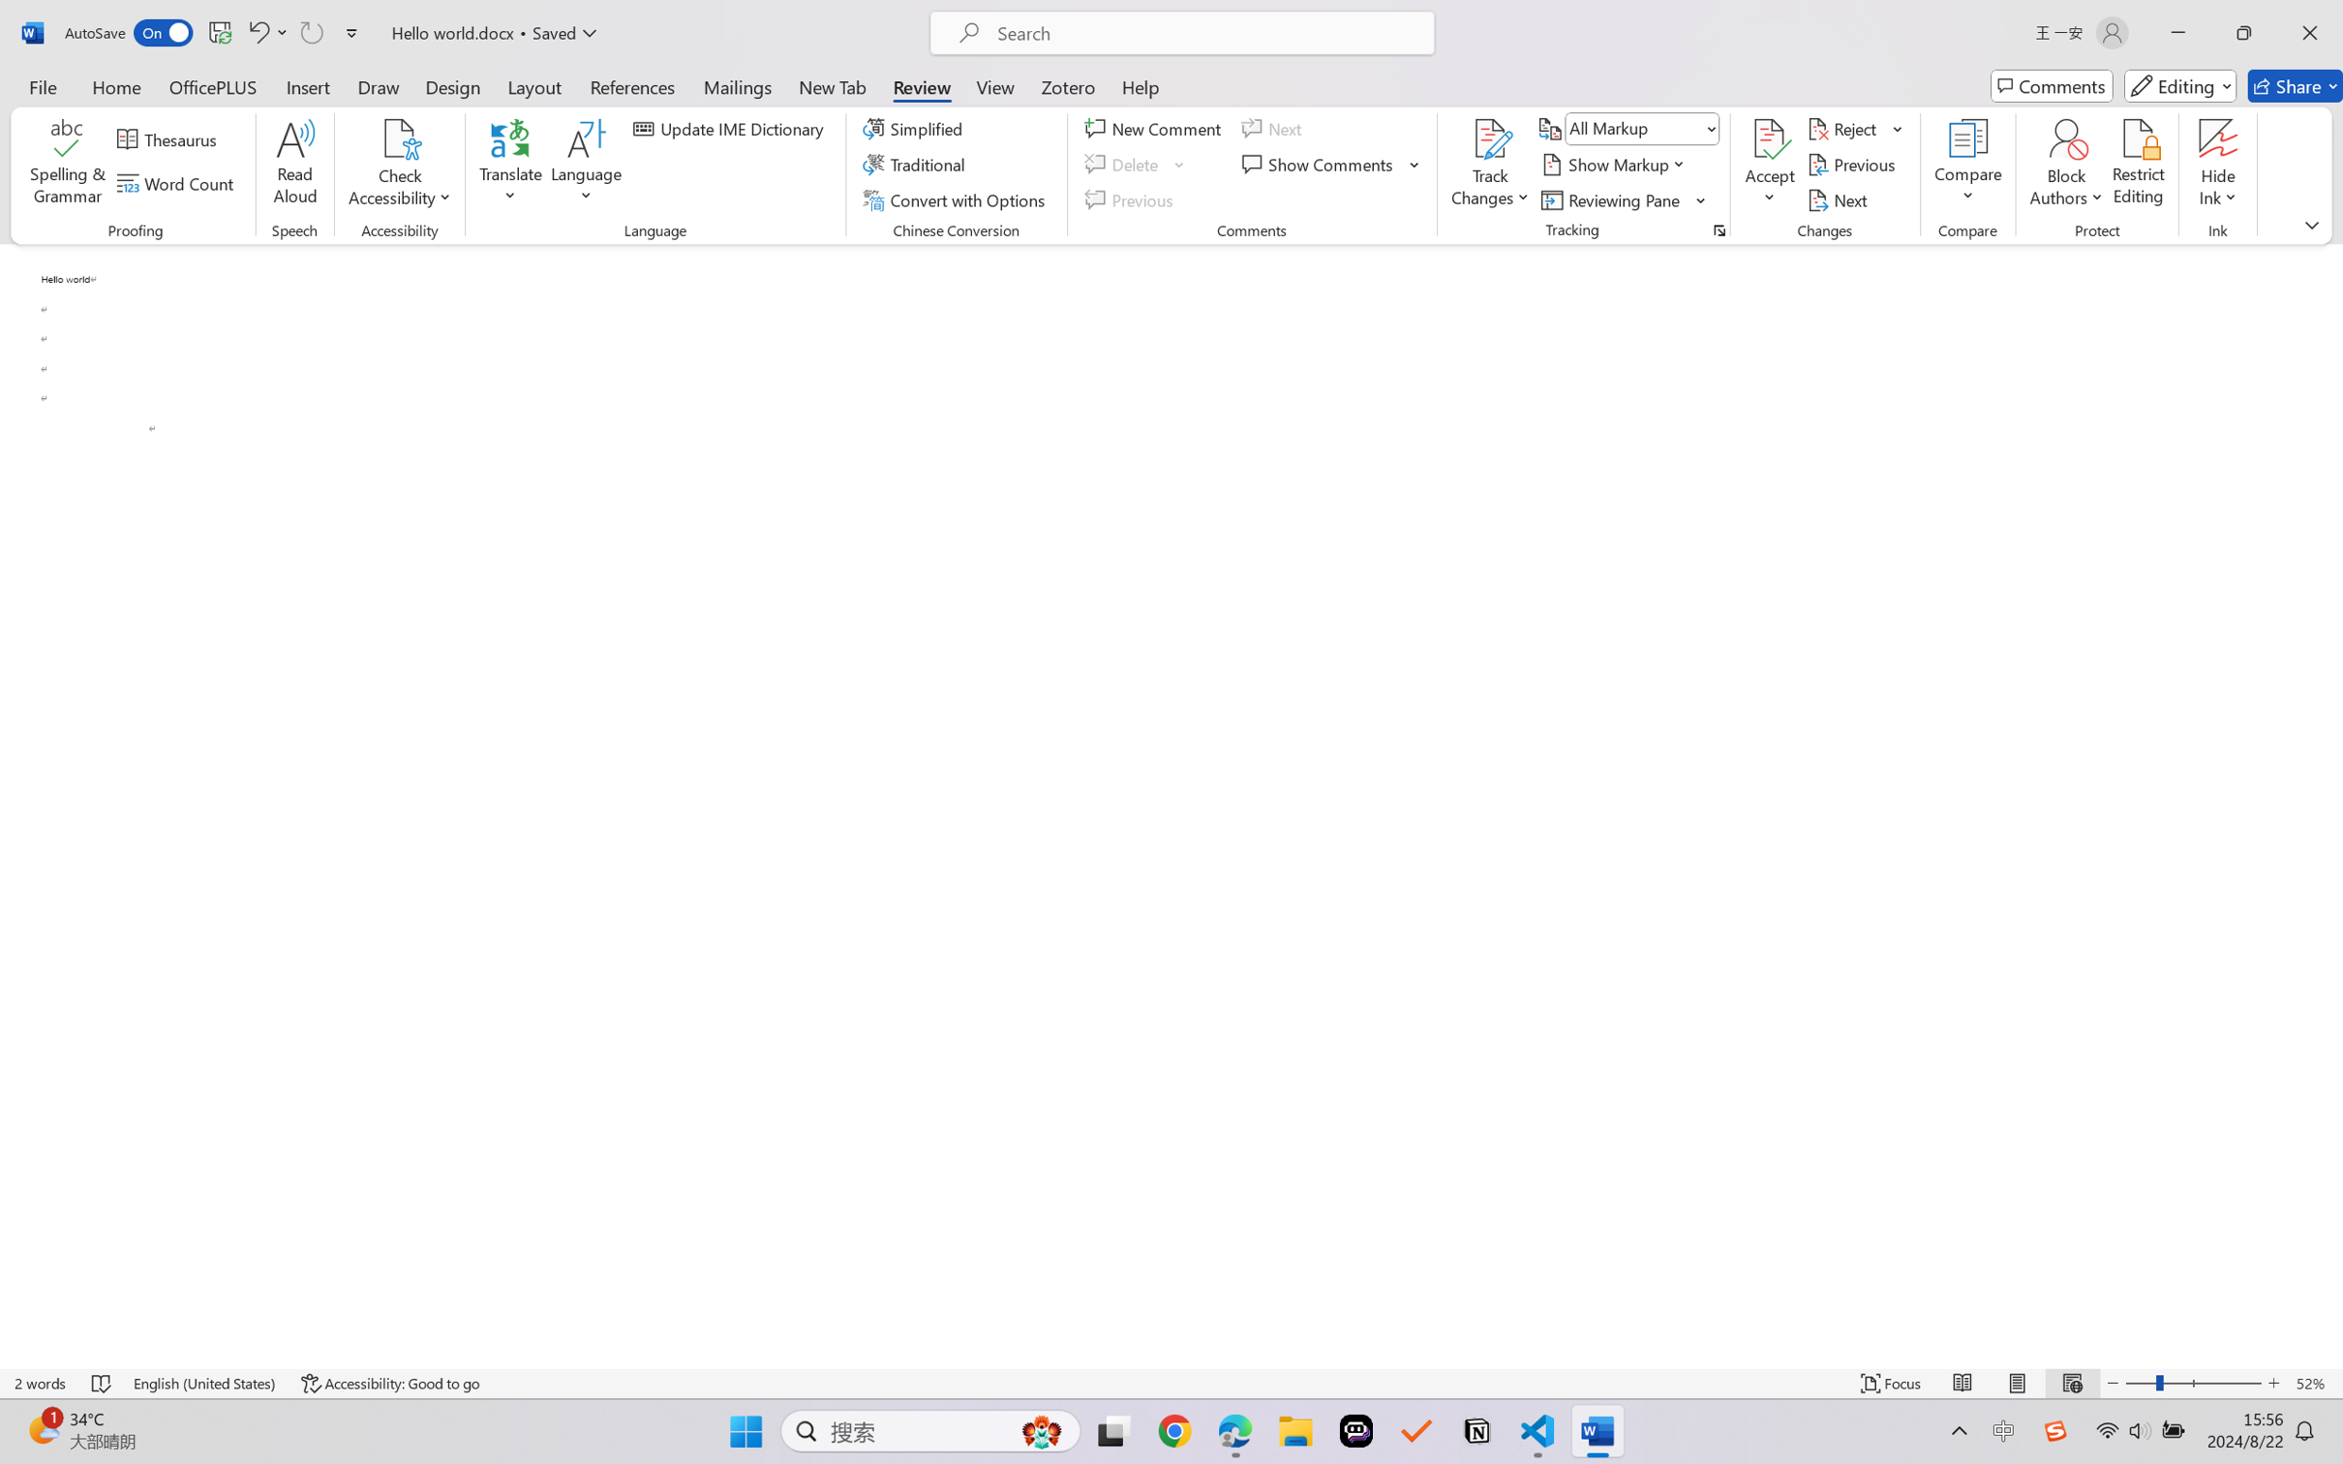  Describe the element at coordinates (219, 32) in the screenshot. I see `'Save'` at that location.